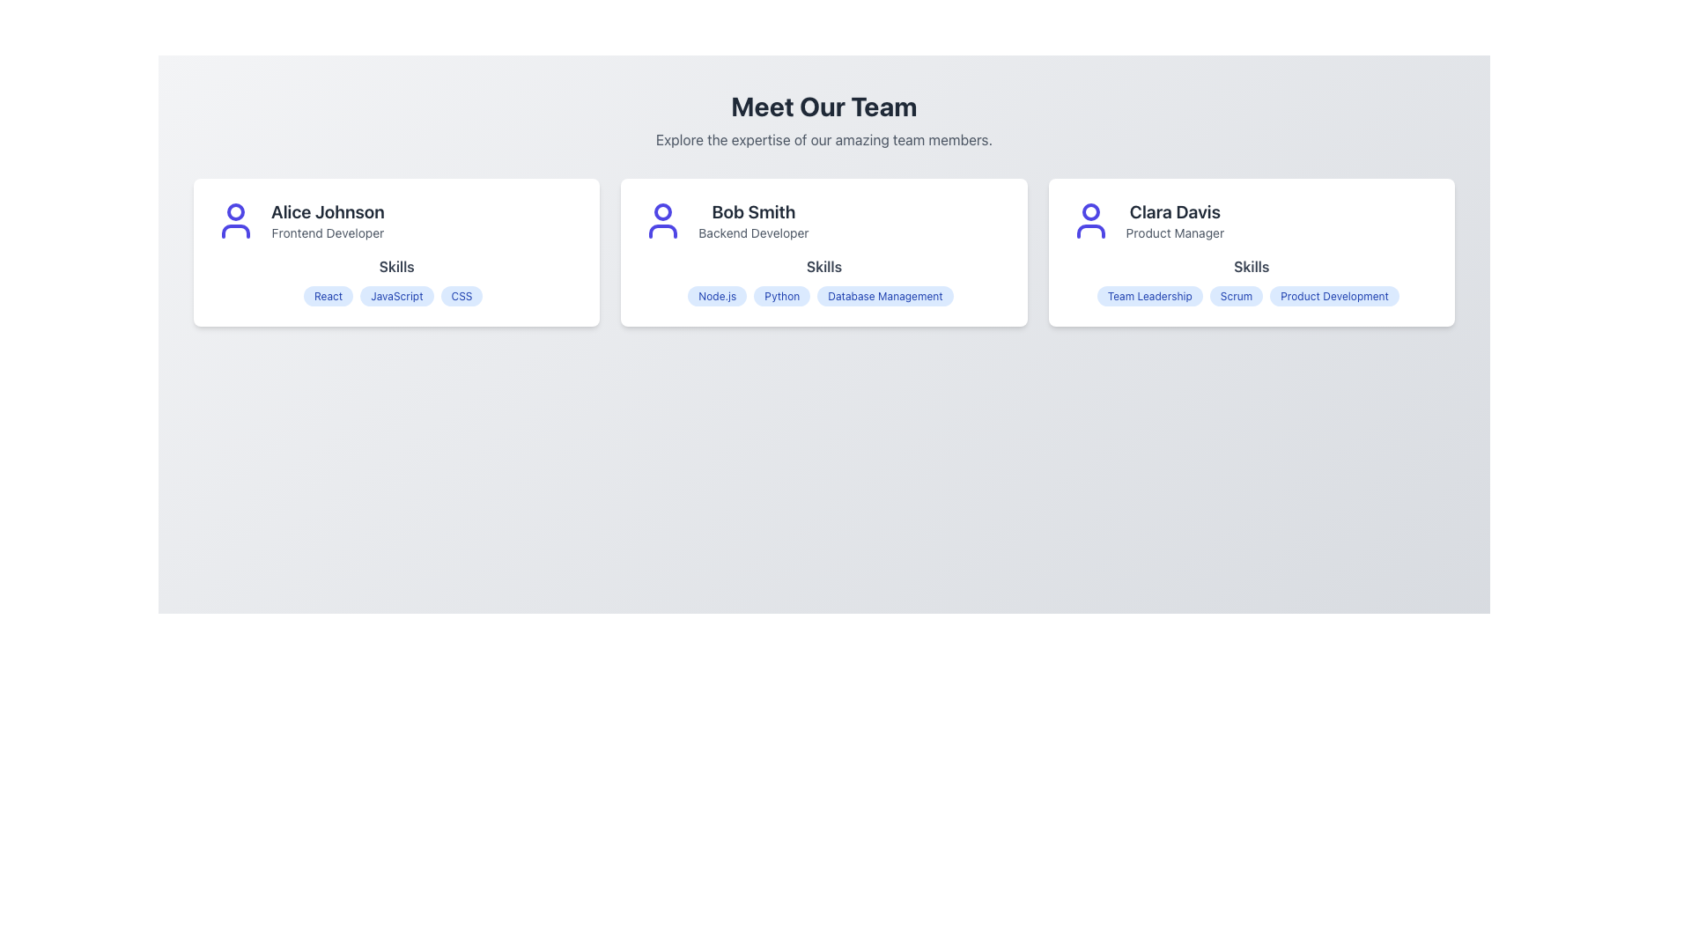 Image resolution: width=1691 pixels, height=951 pixels. I want to click on the Text Label that reads 'Product Manager', which is styled in a smaller, gray font and located below 'Clara Davis' in the rightmost team member card, so click(1175, 232).